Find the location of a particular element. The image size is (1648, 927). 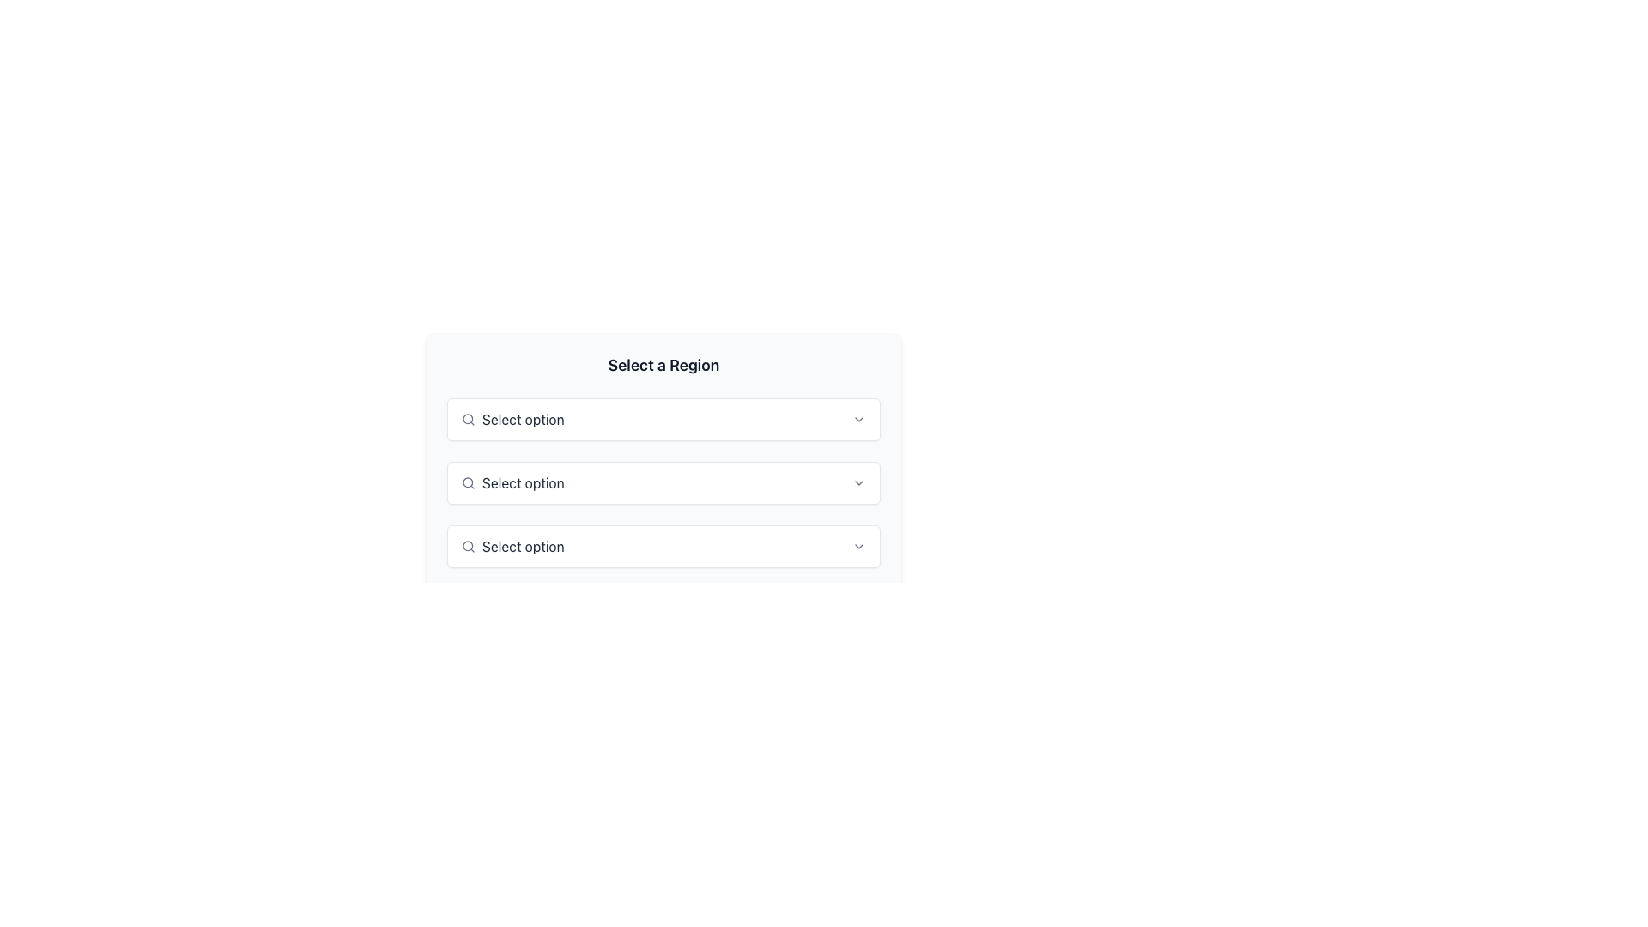

the middle 'Select option' dropdown menu is located at coordinates (663, 483).